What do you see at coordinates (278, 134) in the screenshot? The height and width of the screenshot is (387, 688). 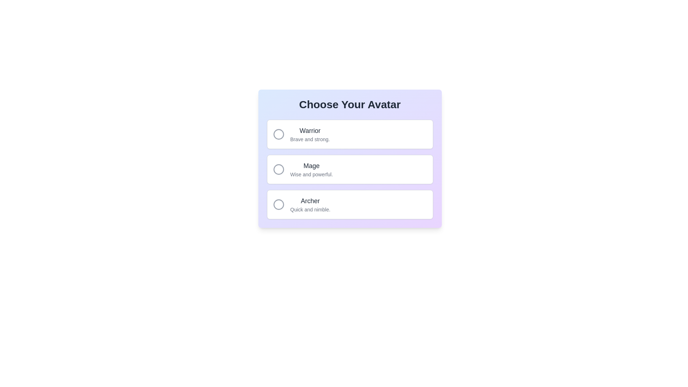 I see `the Decorative Icon next to the 'Warrior' selection option` at bounding box center [278, 134].